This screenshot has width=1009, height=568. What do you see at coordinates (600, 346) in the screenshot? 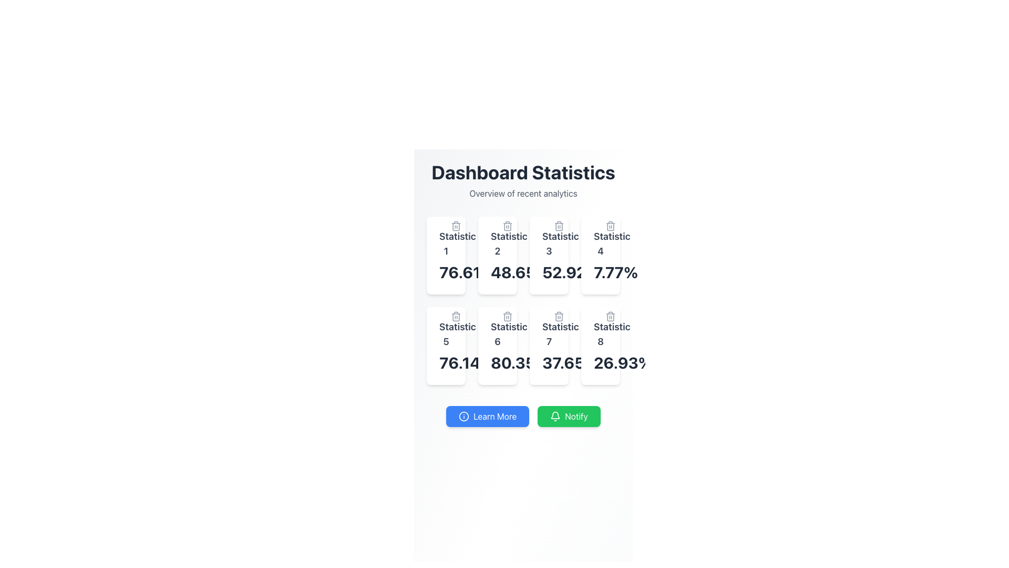
I see `the Informational card titled 'Statistic 8' that displays '26.93%' in the second row, fourth column of the grid` at bounding box center [600, 346].